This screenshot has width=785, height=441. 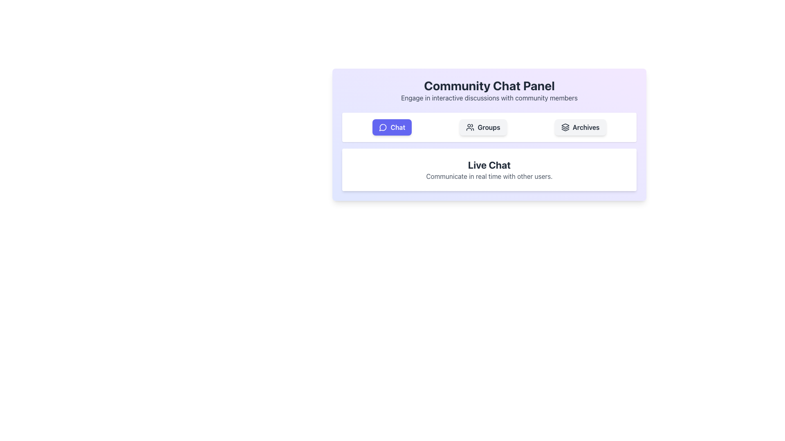 What do you see at coordinates (565, 128) in the screenshot?
I see `the middle layer of the three-layer stack icon located in the top-right corner of the interface, which symbolizes layers or hierarchical data` at bounding box center [565, 128].